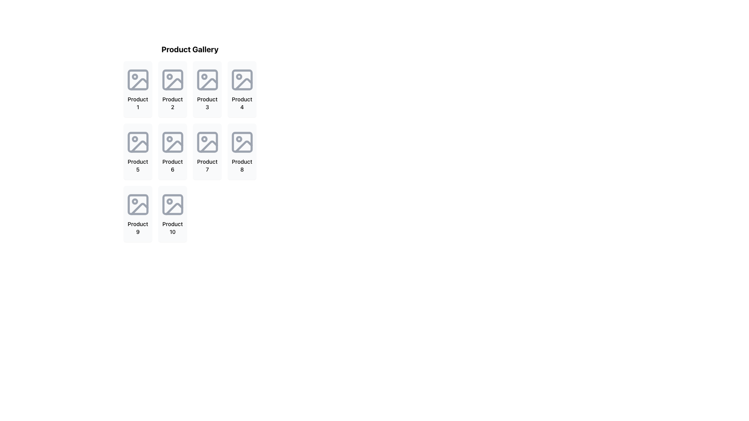 The image size is (749, 421). I want to click on the Text Label displaying 'Product 10', which is located beneath the image icon in the lower section of its card, so click(172, 228).